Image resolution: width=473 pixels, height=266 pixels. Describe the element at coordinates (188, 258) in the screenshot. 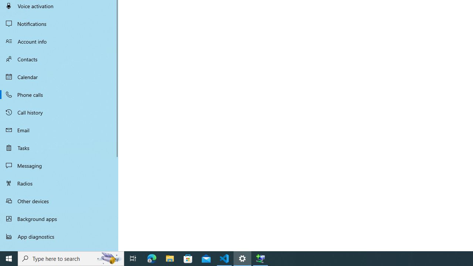

I see `'Microsoft Store'` at that location.